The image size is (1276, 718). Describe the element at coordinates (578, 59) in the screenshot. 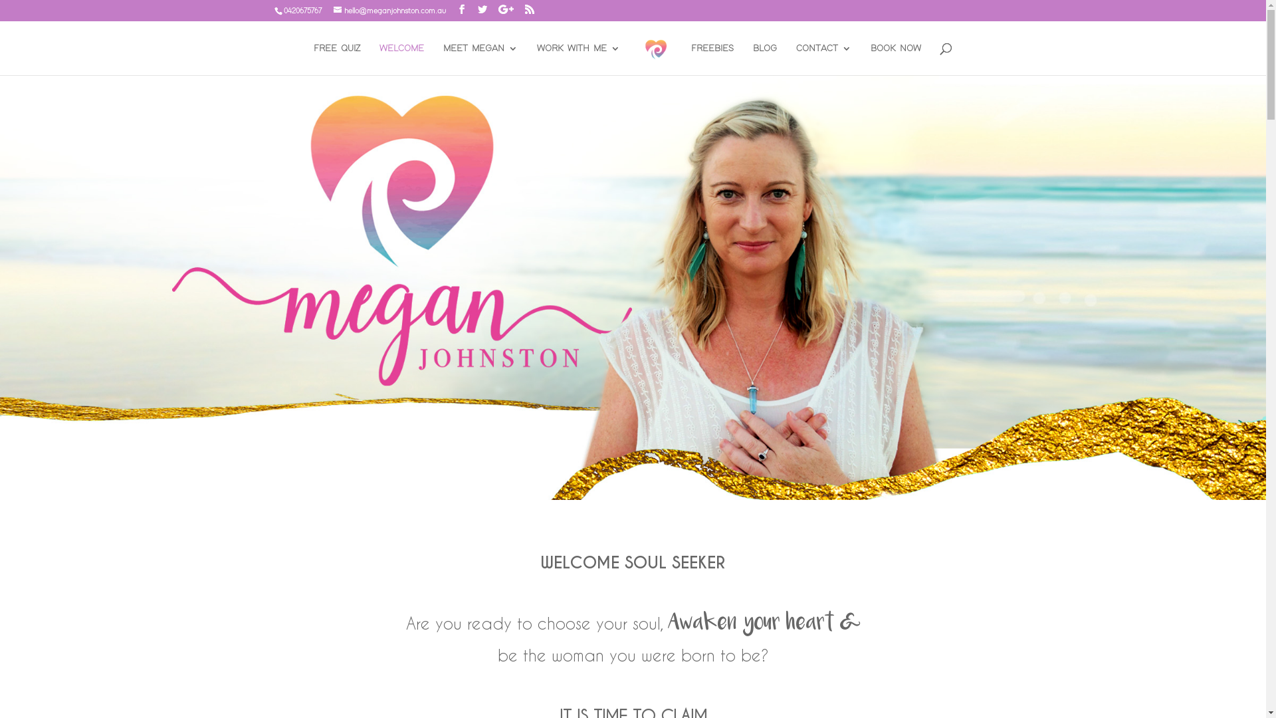

I see `'WORK WITH ME'` at that location.